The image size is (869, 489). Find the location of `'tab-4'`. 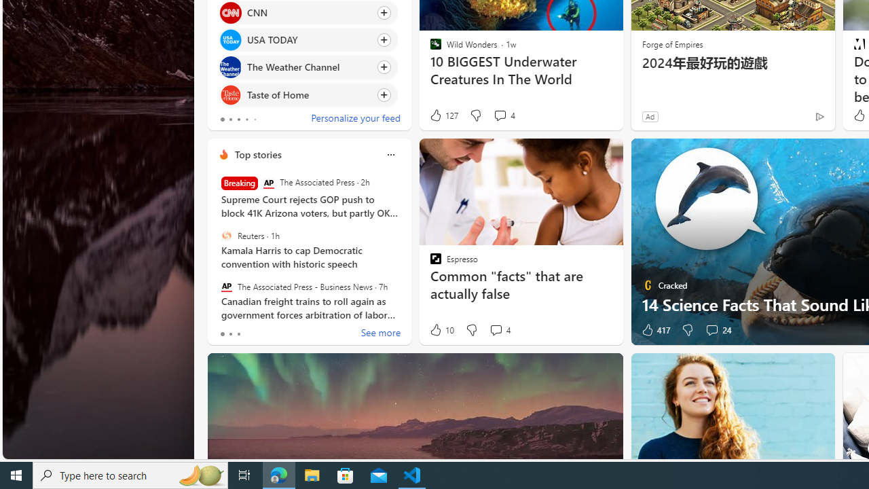

'tab-4' is located at coordinates (255, 119).